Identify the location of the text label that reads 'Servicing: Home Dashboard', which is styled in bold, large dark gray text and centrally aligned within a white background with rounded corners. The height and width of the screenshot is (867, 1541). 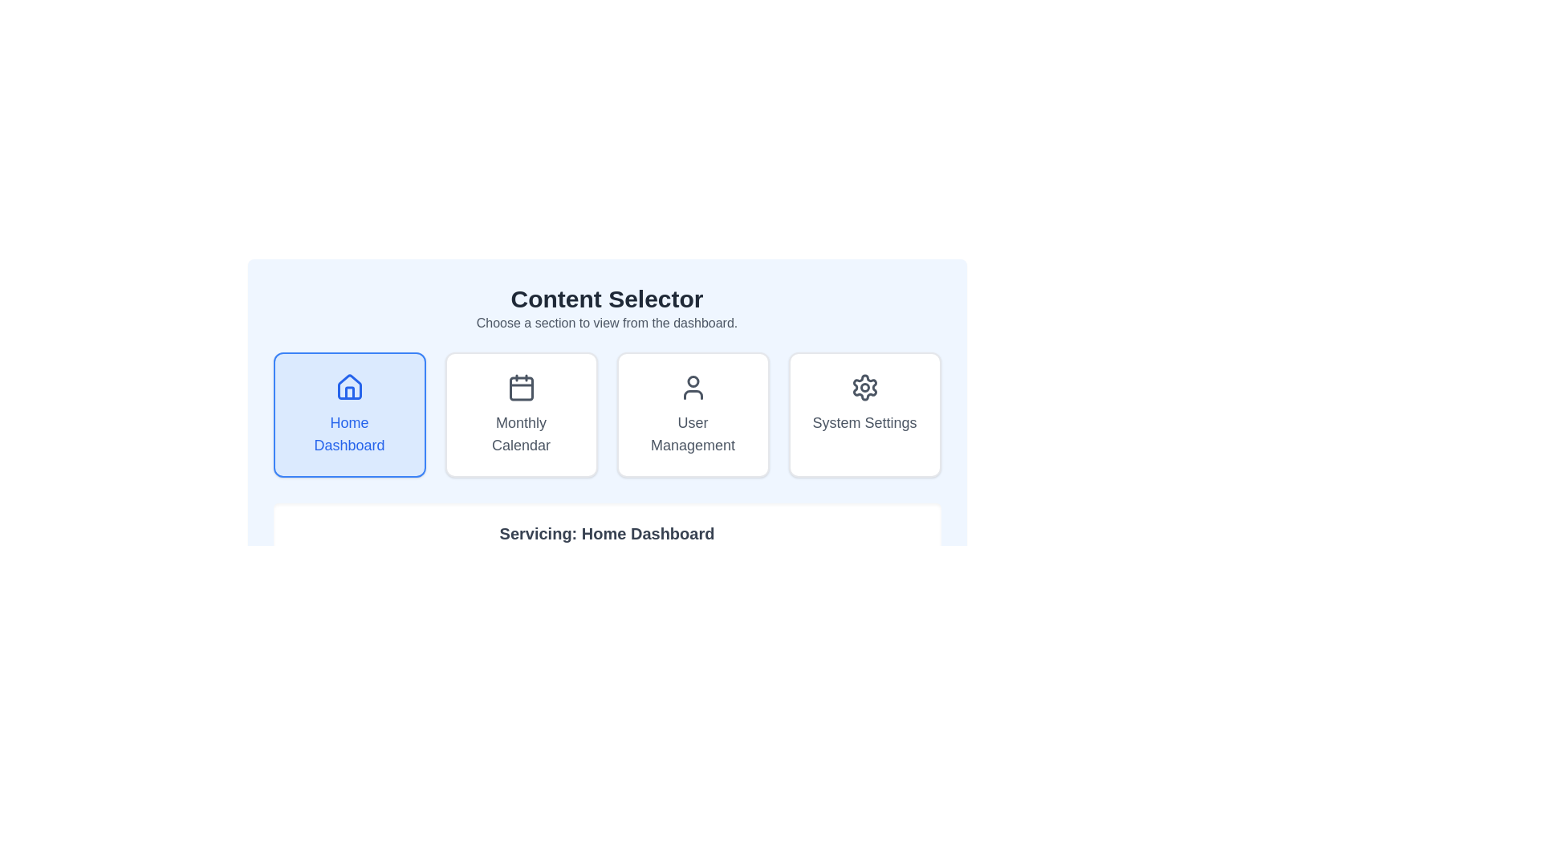
(606, 533).